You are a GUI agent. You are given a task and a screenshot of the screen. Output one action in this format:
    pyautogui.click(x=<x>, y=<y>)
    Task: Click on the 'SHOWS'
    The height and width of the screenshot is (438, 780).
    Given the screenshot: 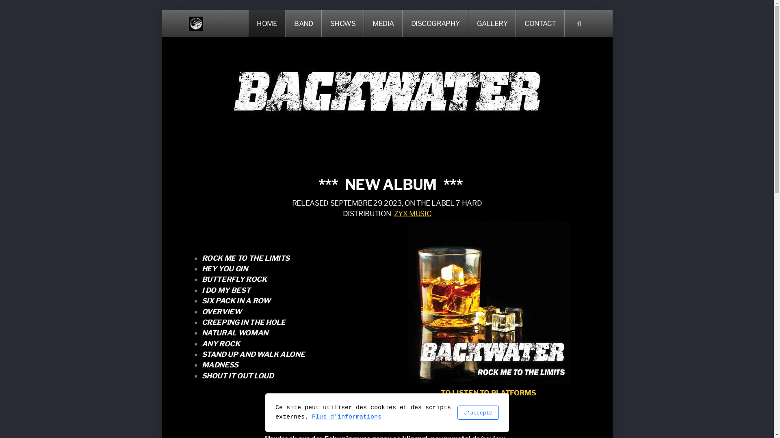 What is the action you would take?
    pyautogui.click(x=343, y=23)
    